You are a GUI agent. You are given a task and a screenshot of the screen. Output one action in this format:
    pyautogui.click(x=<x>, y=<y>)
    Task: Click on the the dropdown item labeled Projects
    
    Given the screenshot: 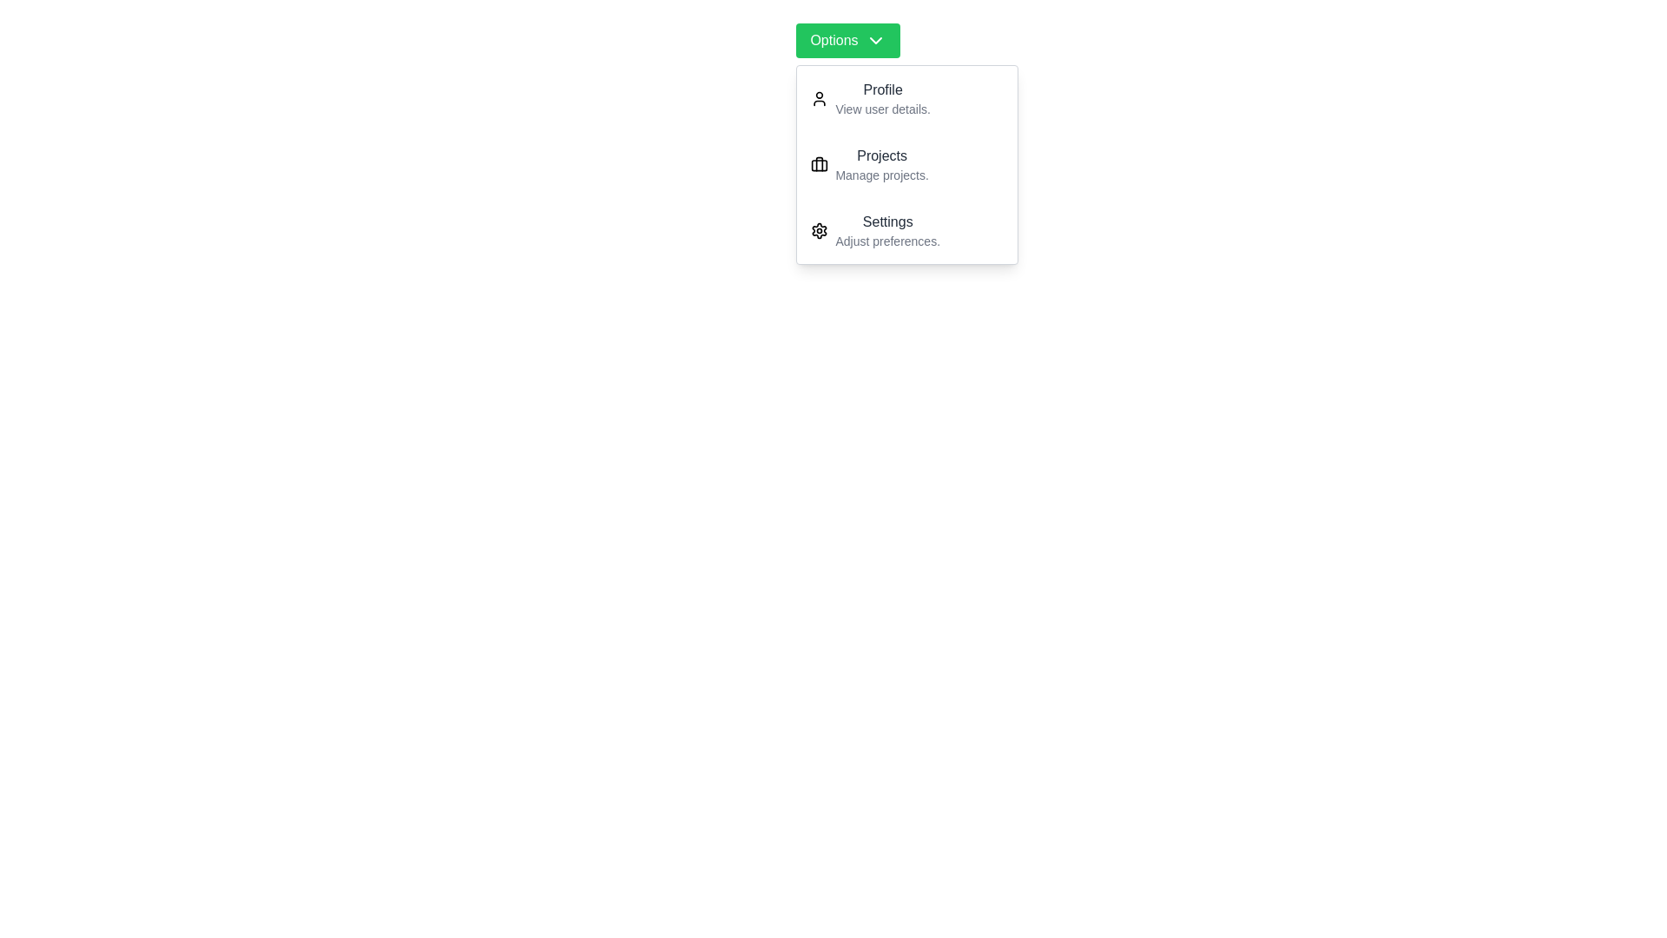 What is the action you would take?
    pyautogui.click(x=906, y=164)
    